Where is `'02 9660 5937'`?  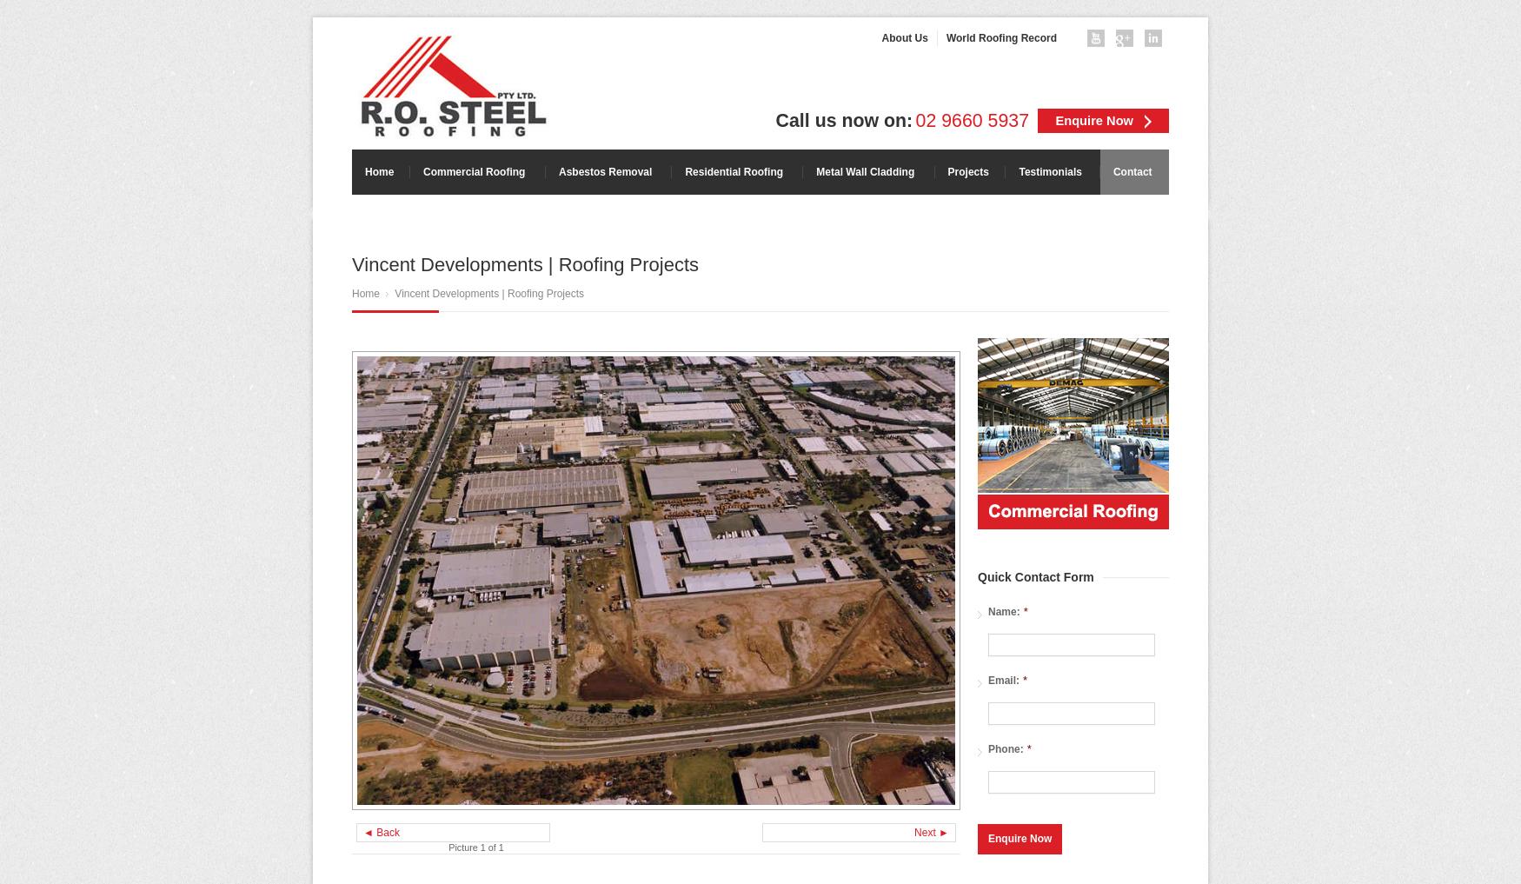
'02 9660 5937' is located at coordinates (972, 120).